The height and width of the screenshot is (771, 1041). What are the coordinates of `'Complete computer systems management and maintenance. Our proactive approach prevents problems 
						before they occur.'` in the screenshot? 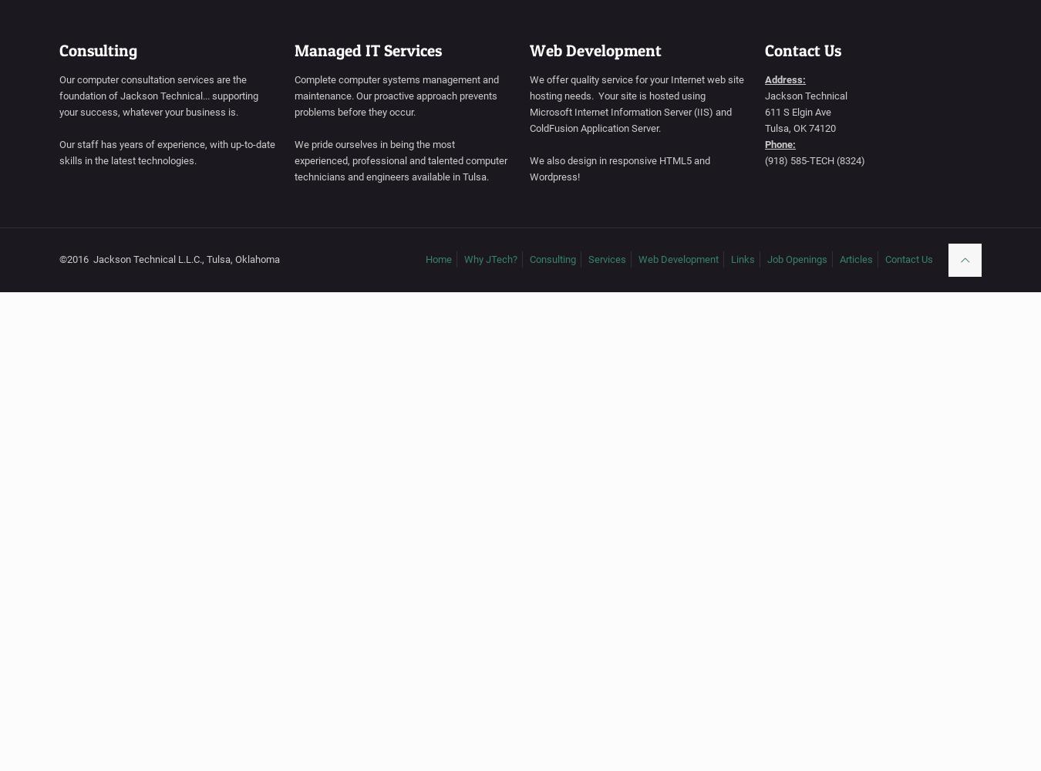 It's located at (396, 95).